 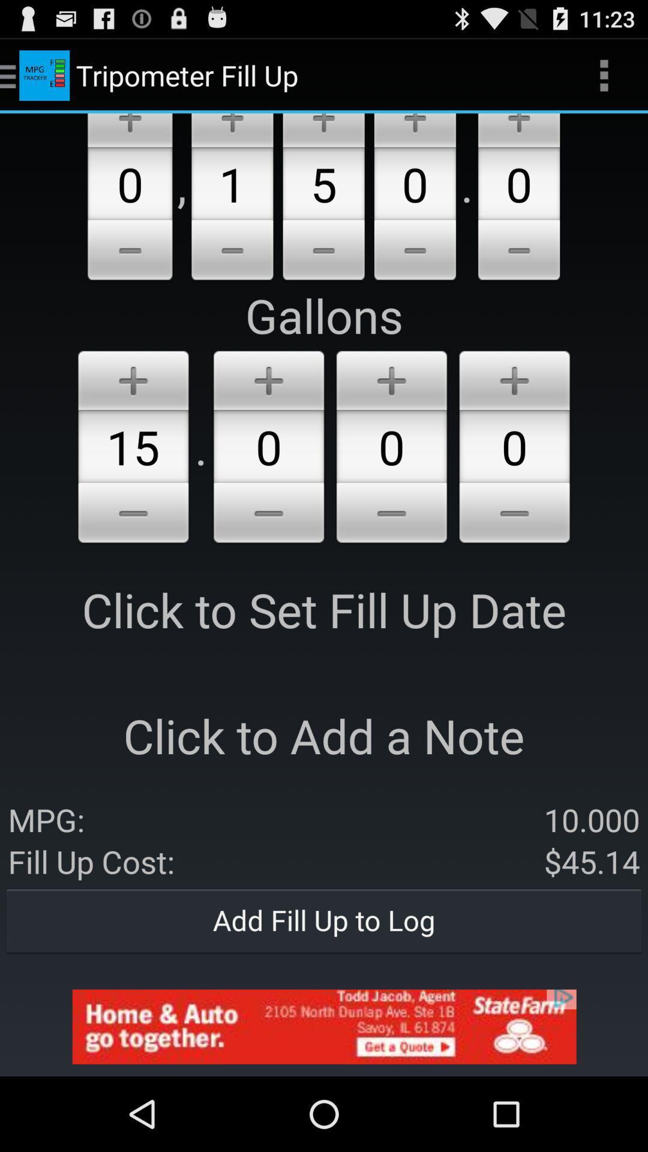 What do you see at coordinates (514, 515) in the screenshot?
I see `reduce` at bounding box center [514, 515].